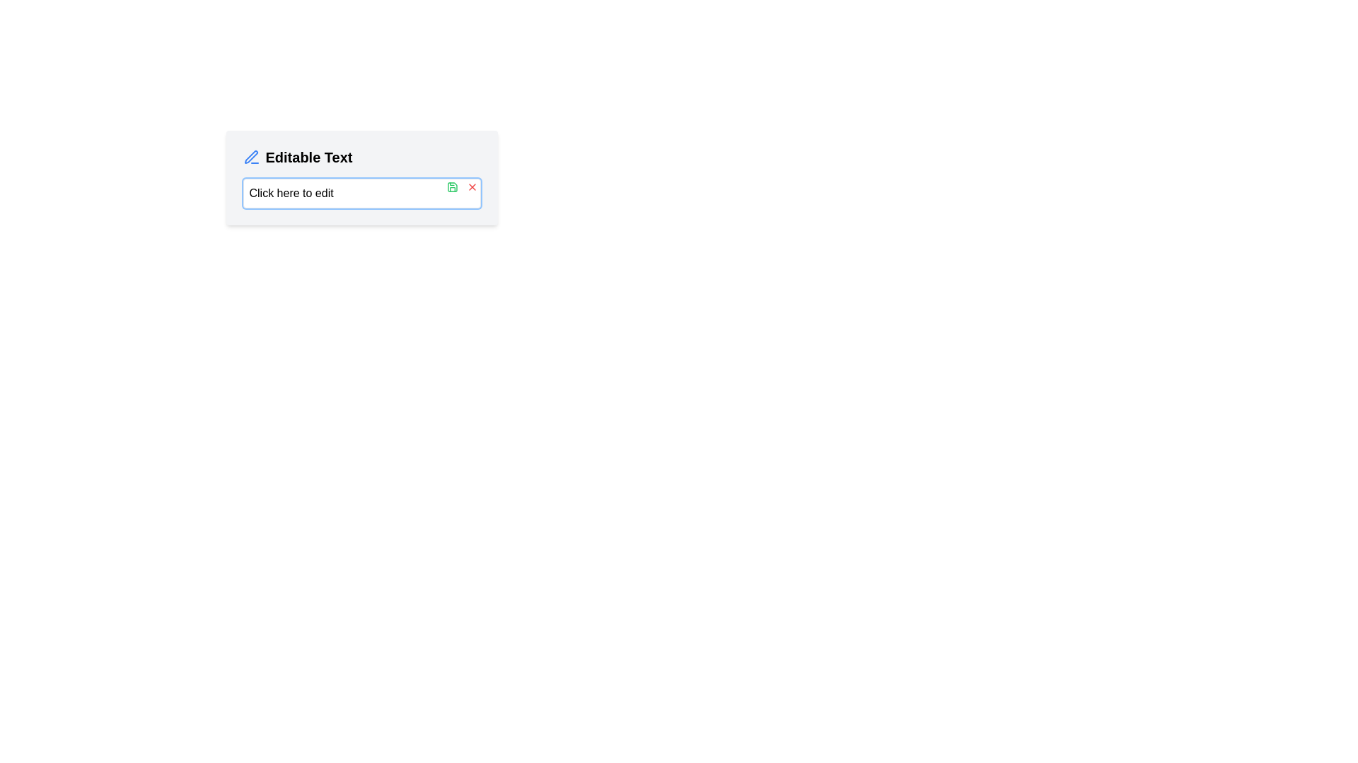 The image size is (1358, 763). What do you see at coordinates (451, 187) in the screenshot?
I see `the save button located at the top-right of the editable area` at bounding box center [451, 187].